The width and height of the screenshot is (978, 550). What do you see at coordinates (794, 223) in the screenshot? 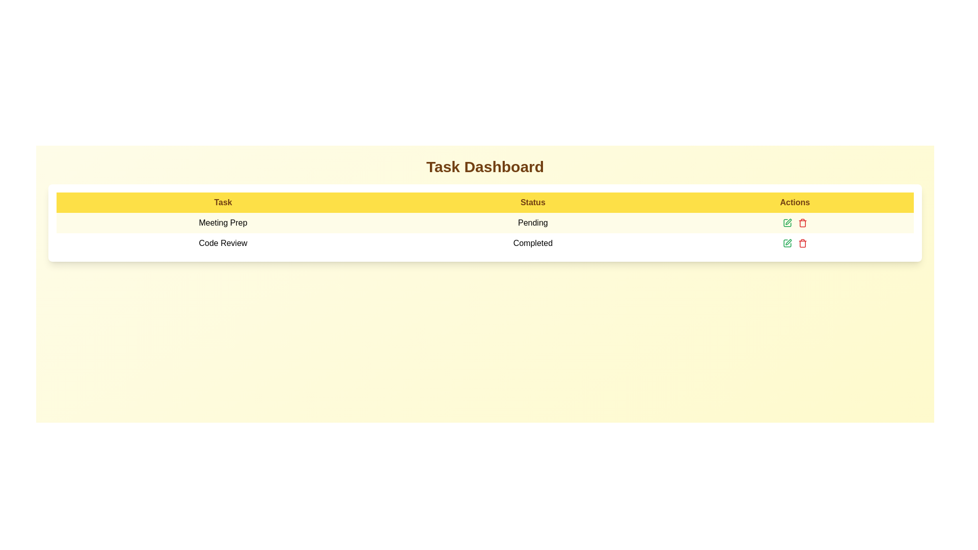
I see `the green pencil icon in the Actions column of the Task Dashboard` at bounding box center [794, 223].